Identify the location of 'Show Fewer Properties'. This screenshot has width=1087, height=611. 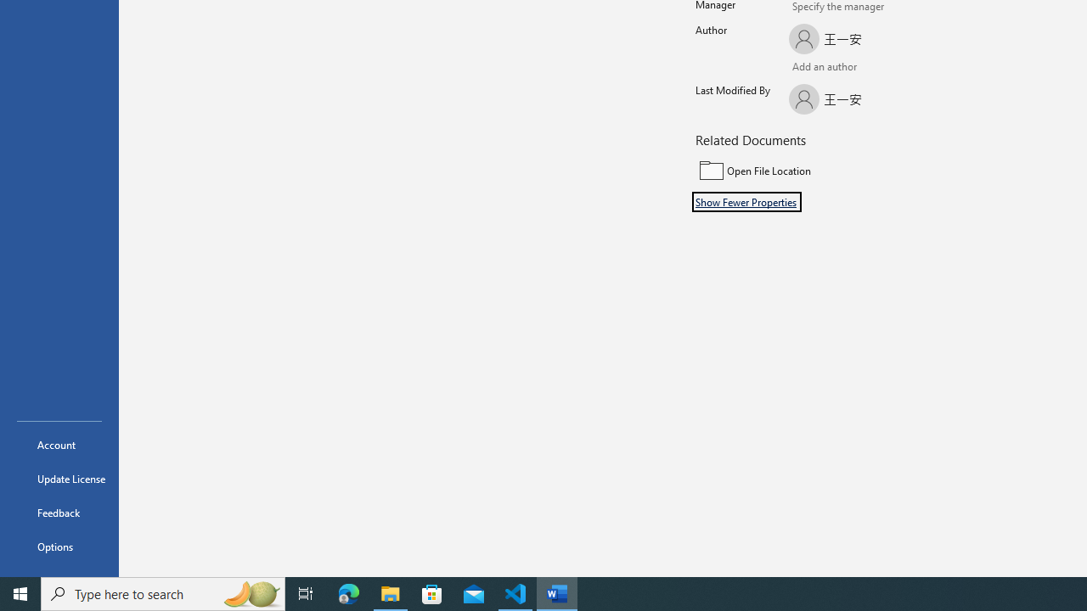
(746, 200).